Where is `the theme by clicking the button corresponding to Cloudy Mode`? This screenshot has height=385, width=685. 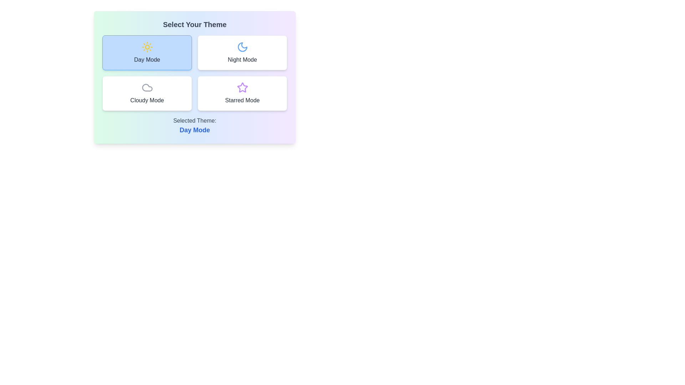 the theme by clicking the button corresponding to Cloudy Mode is located at coordinates (147, 93).